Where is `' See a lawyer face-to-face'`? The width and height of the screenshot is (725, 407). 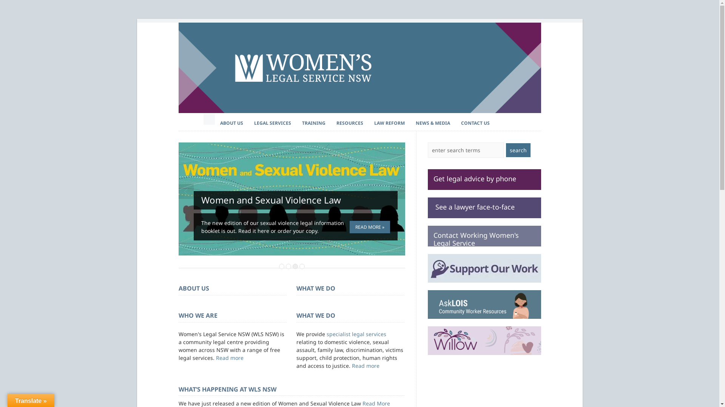
' See a lawyer face-to-face' is located at coordinates (484, 208).